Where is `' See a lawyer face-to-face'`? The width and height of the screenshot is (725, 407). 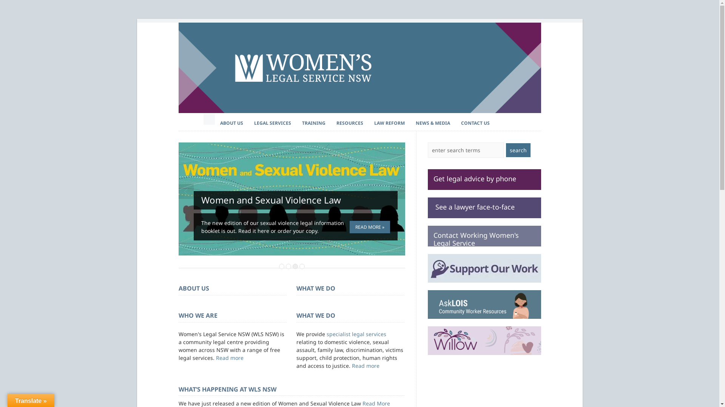
' See a lawyer face-to-face' is located at coordinates (484, 208).